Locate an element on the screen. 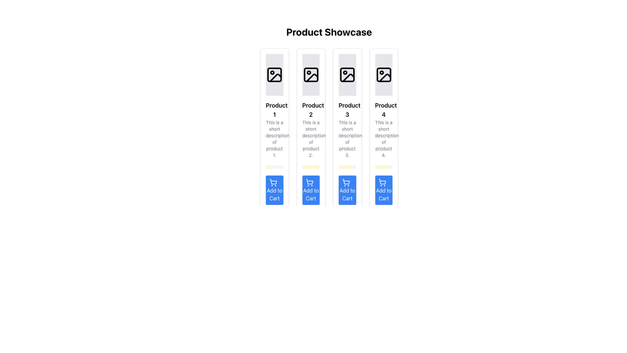 The width and height of the screenshot is (627, 353). the graphic element within the second product card, which visually enhances the icon but is non-interactive is located at coordinates (311, 74).